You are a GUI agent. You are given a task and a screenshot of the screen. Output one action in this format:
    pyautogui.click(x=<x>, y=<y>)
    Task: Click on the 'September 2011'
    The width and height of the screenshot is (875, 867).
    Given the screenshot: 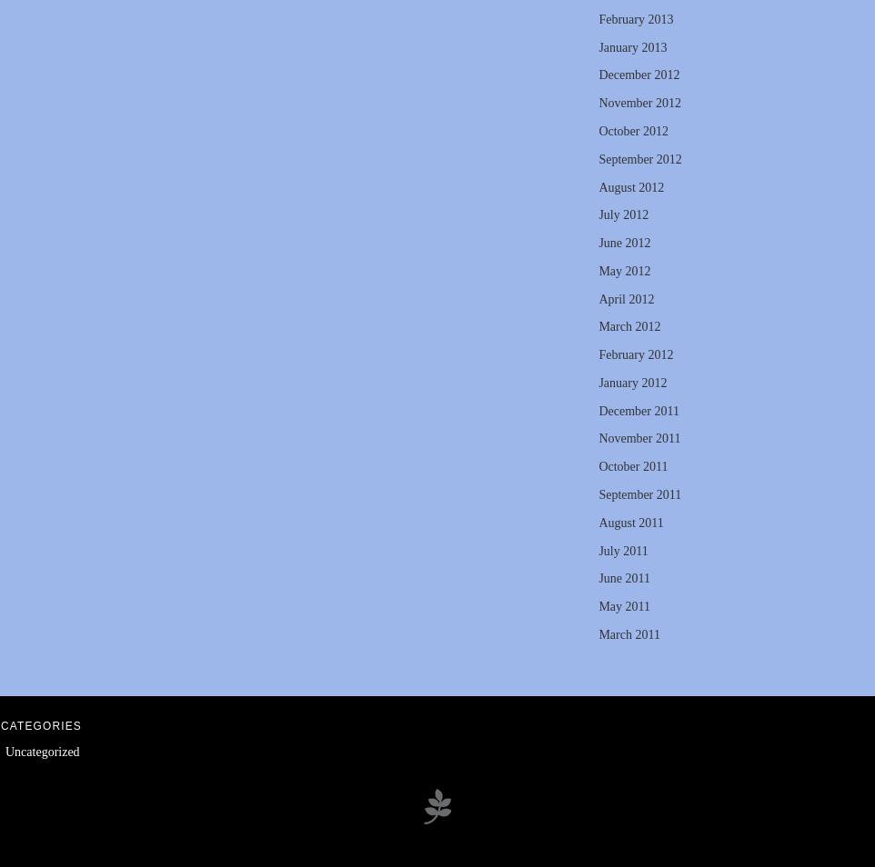 What is the action you would take?
    pyautogui.click(x=639, y=493)
    